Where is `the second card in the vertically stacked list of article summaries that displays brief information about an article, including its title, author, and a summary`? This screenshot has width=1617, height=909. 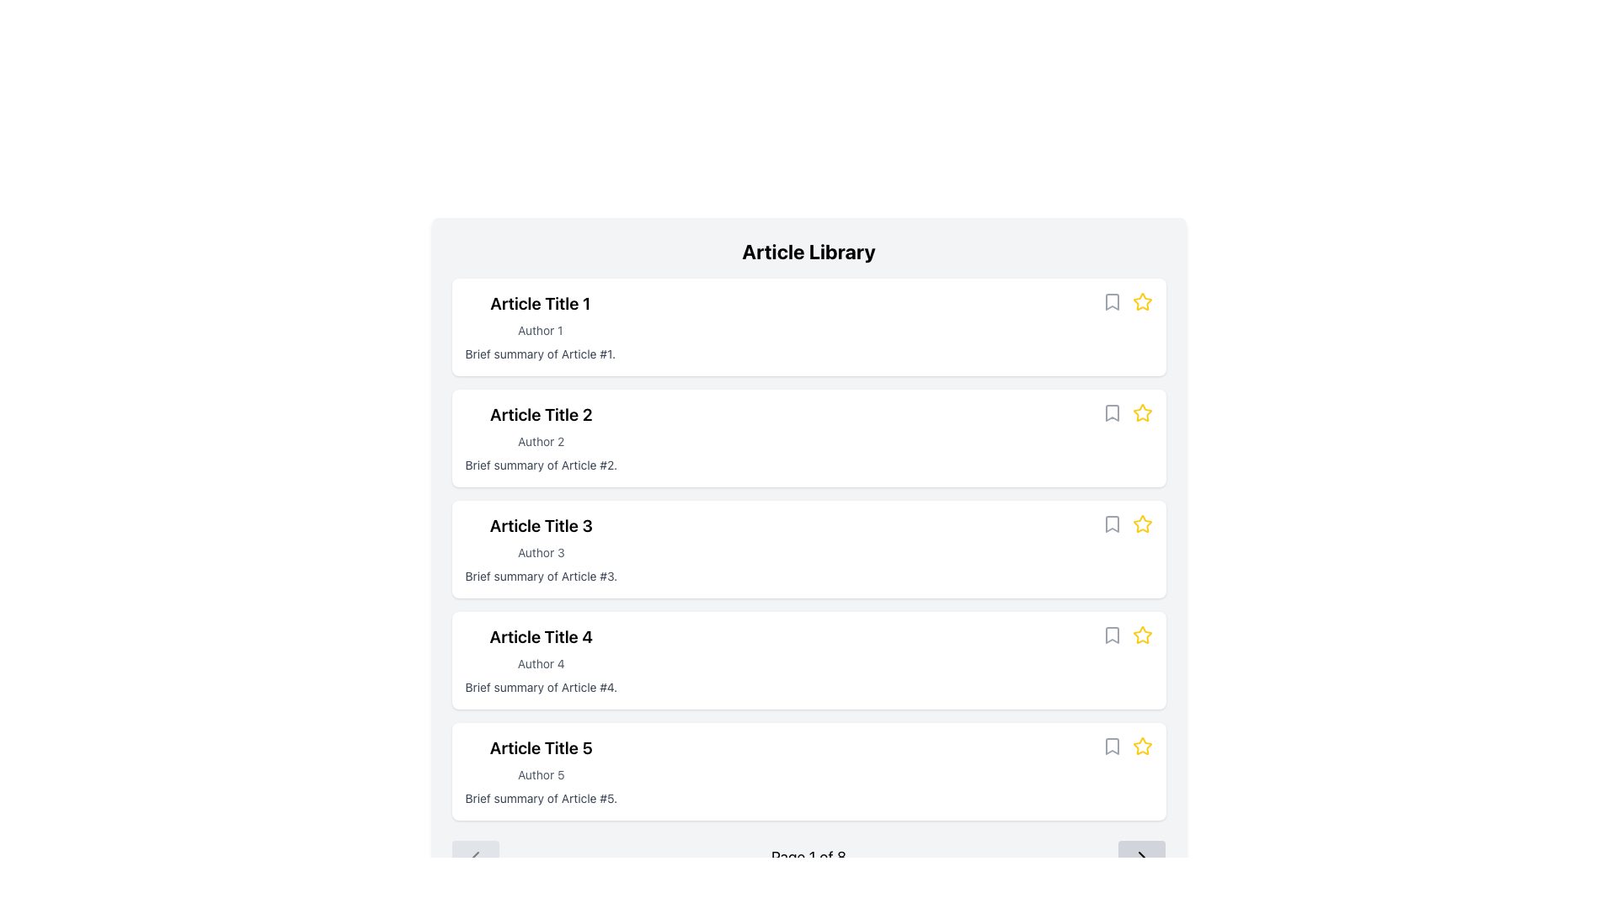
the second card in the vertically stacked list of article summaries that displays brief information about an article, including its title, author, and a summary is located at coordinates (541, 437).